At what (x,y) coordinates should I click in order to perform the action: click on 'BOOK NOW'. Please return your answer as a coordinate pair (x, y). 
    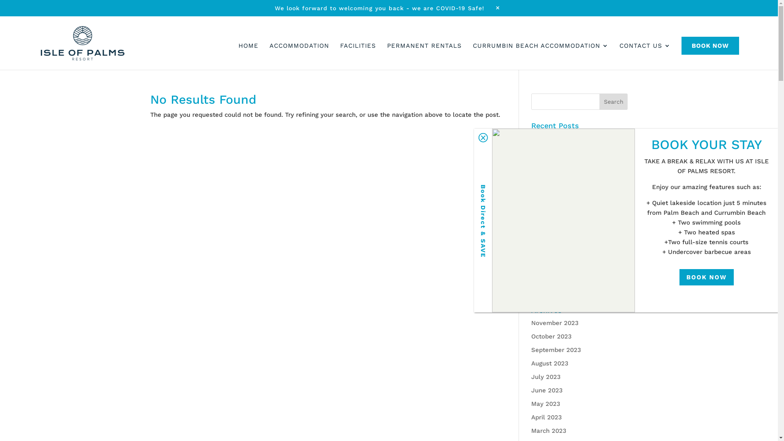
    Looking at the image, I should click on (682, 45).